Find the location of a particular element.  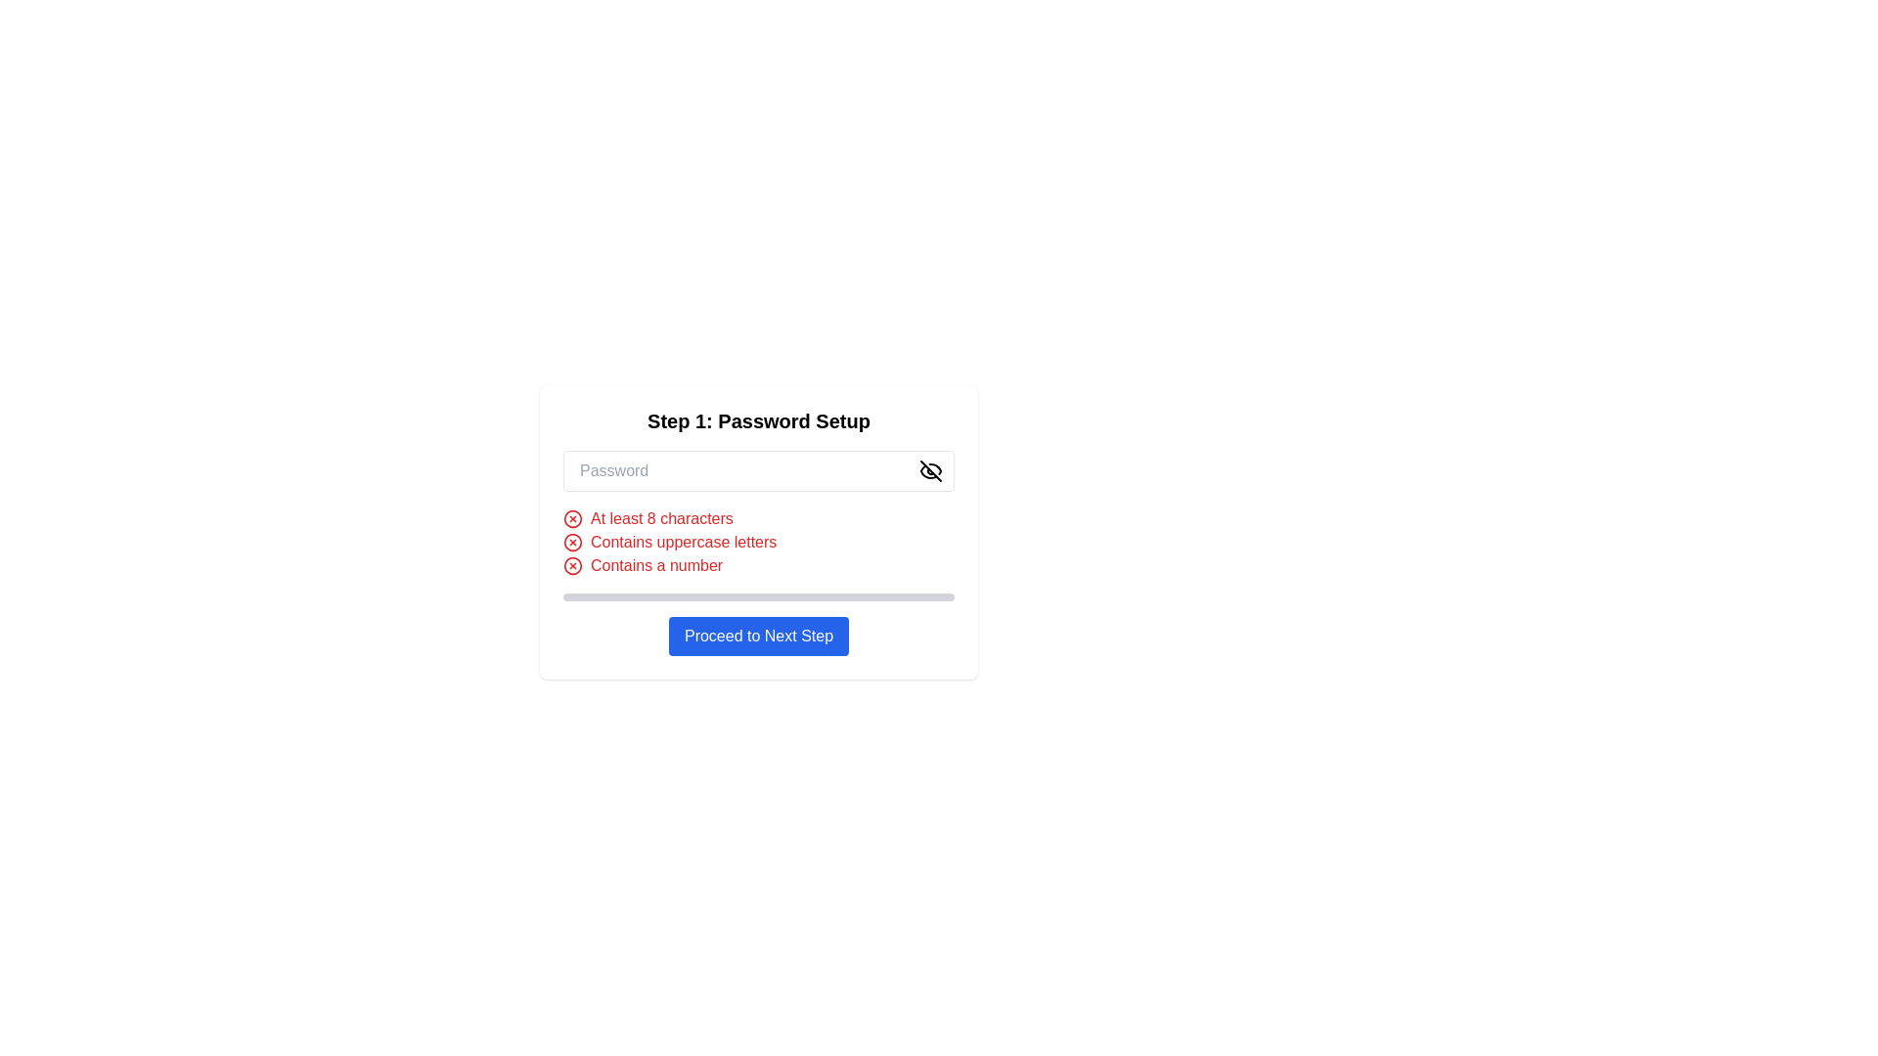

the Progress Bar that indicates the completion status of a process, located beneath the list of password requirements and above the 'Proceed to Next Step' button is located at coordinates (758, 595).